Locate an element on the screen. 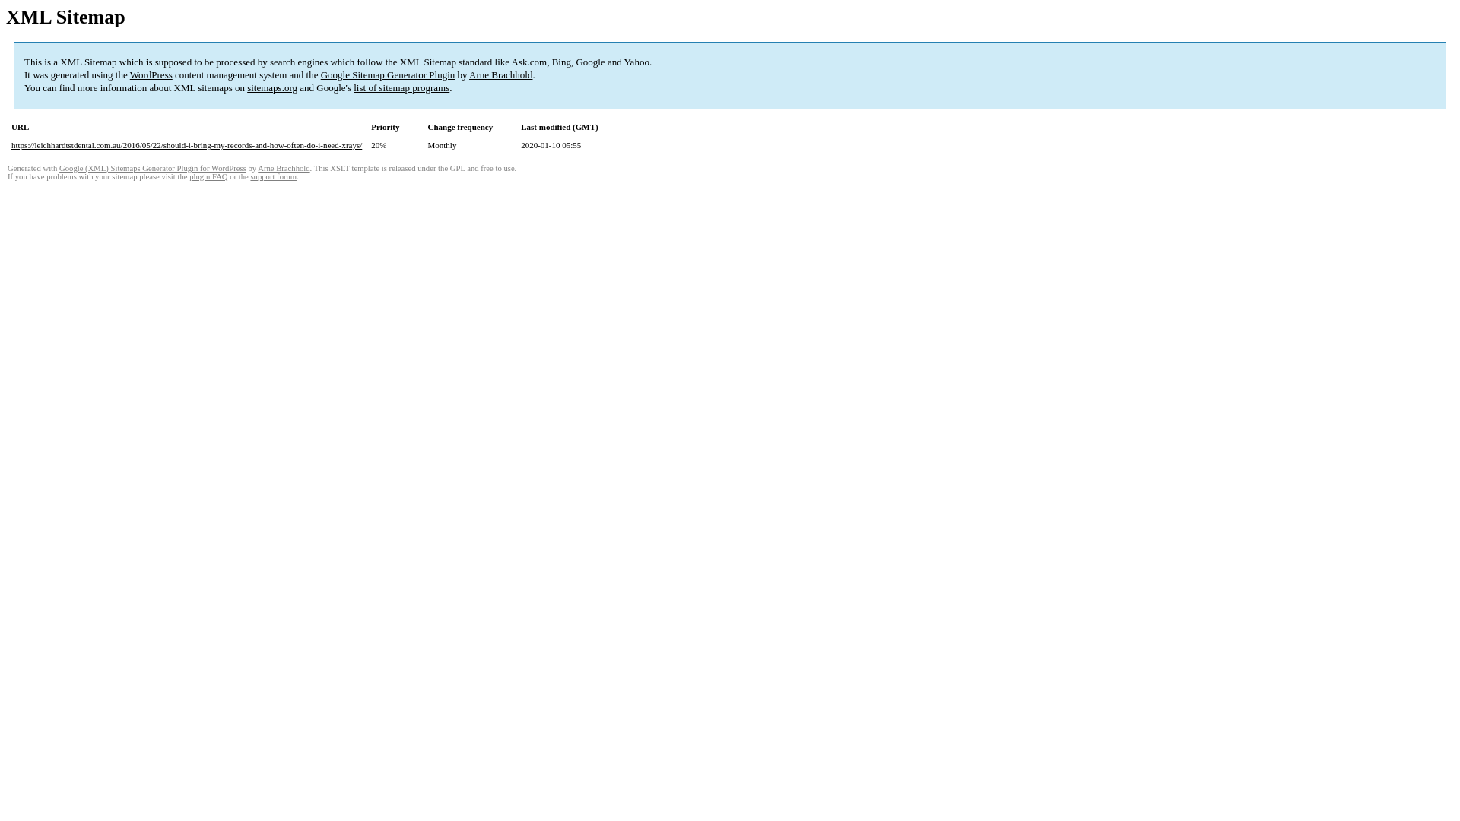 Image resolution: width=1460 pixels, height=821 pixels. 'Arne Brachhold' is located at coordinates (500, 74).